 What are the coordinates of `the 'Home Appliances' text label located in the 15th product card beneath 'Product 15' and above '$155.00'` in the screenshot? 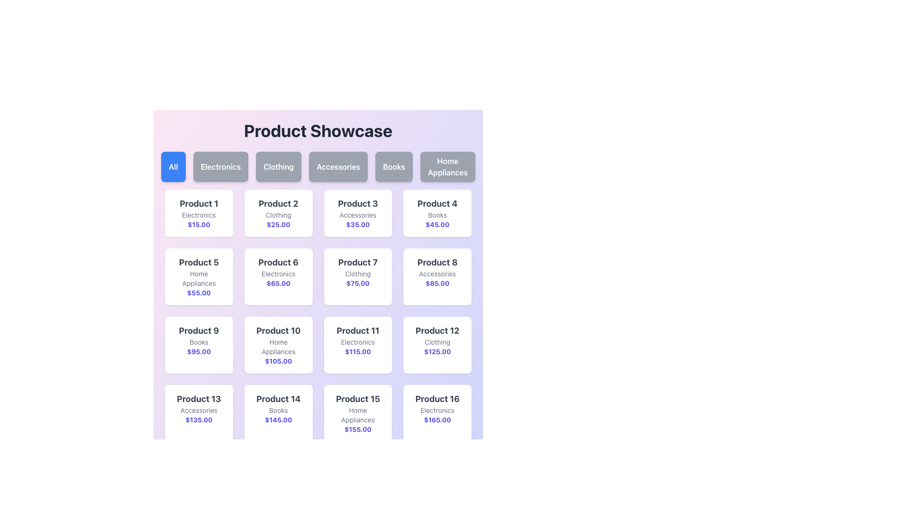 It's located at (357, 414).